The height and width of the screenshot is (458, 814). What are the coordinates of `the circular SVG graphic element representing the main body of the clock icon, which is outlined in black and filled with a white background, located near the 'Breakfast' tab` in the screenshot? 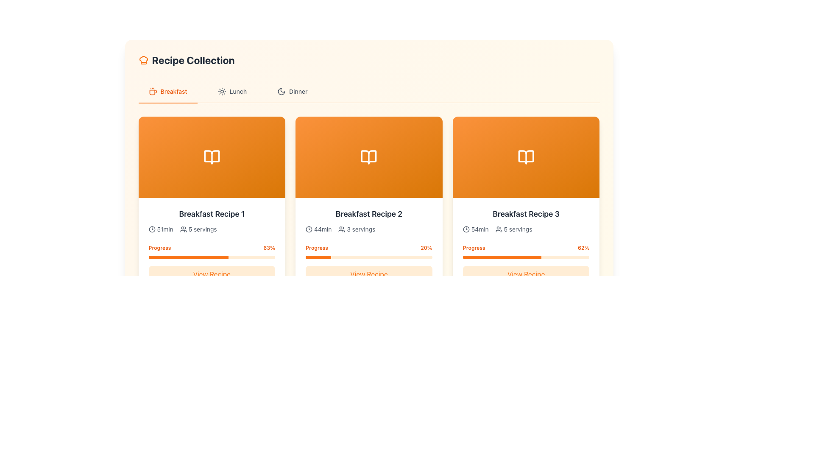 It's located at (466, 229).